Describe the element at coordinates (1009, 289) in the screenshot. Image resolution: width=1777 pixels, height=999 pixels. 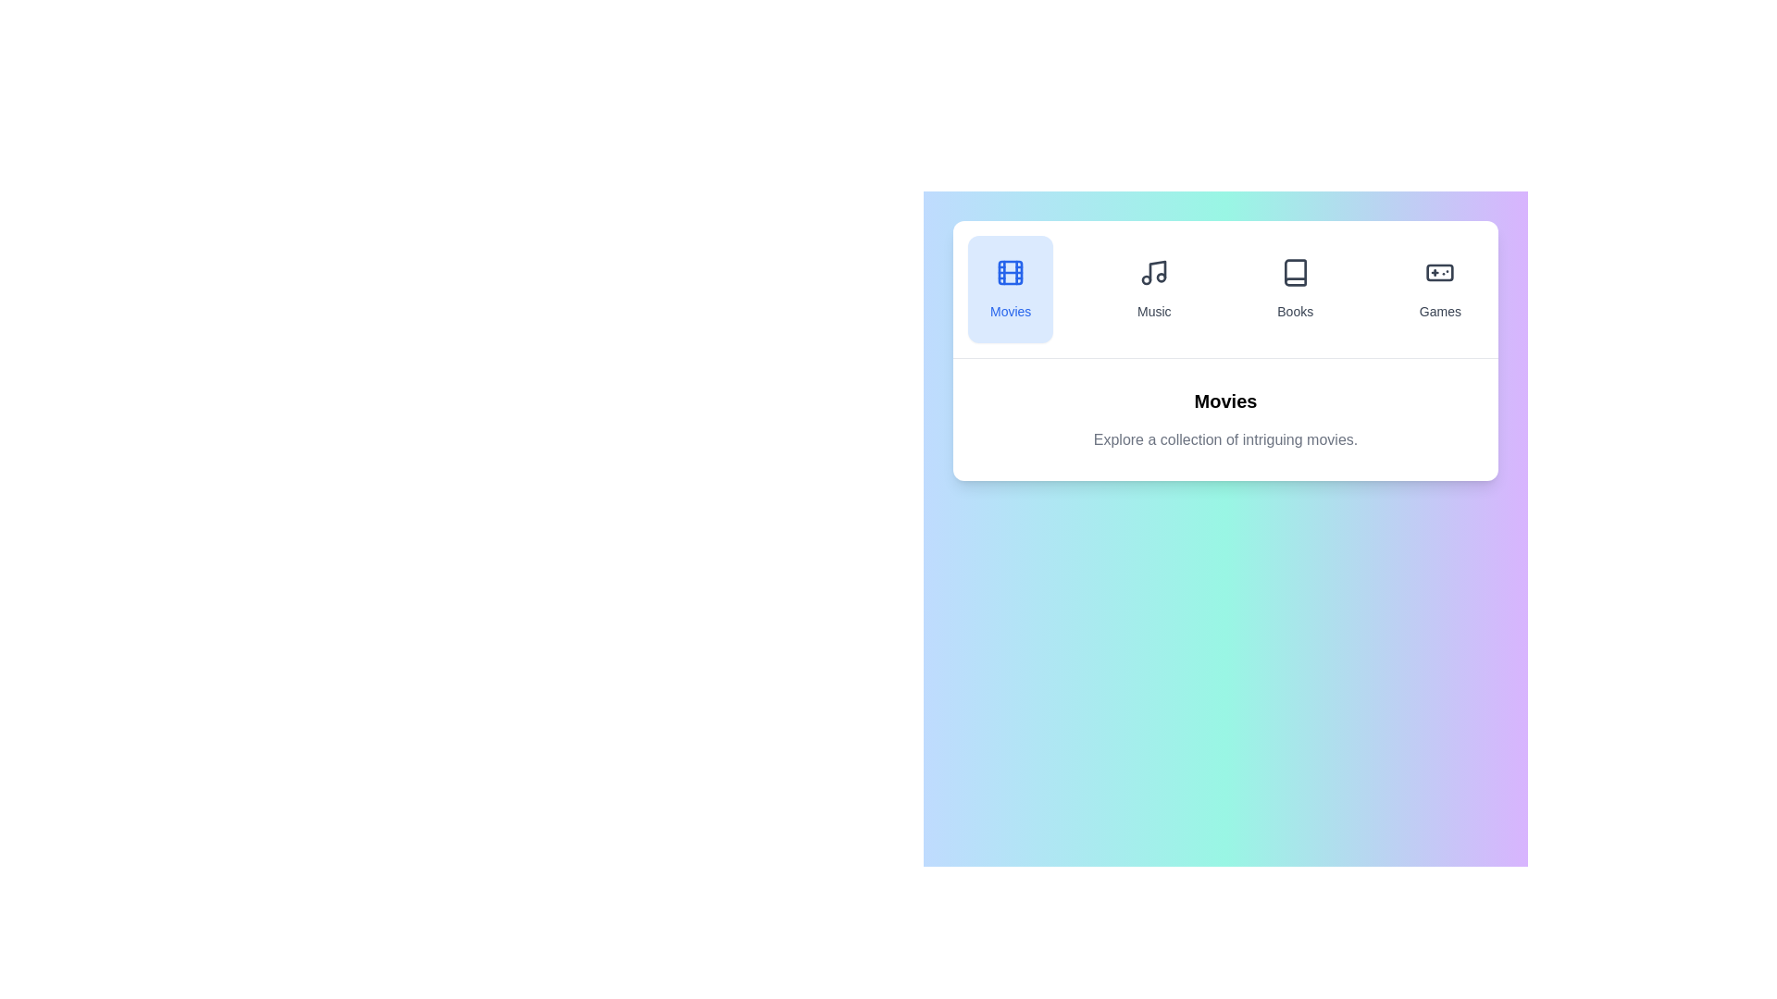
I see `the Movies tab to switch to the respective entertainment category` at that location.